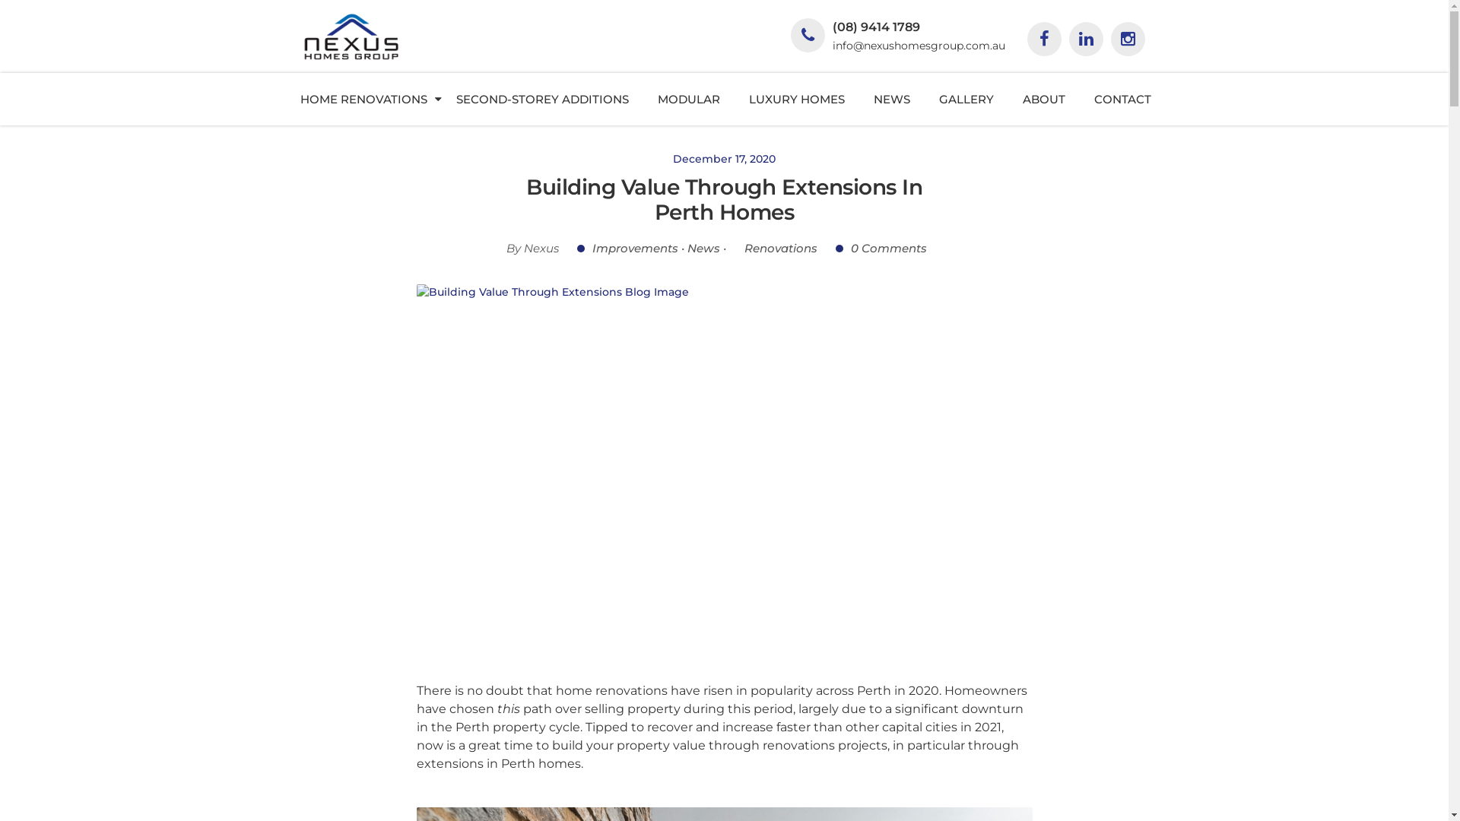  What do you see at coordinates (576, 247) in the screenshot?
I see `'Improvements'` at bounding box center [576, 247].